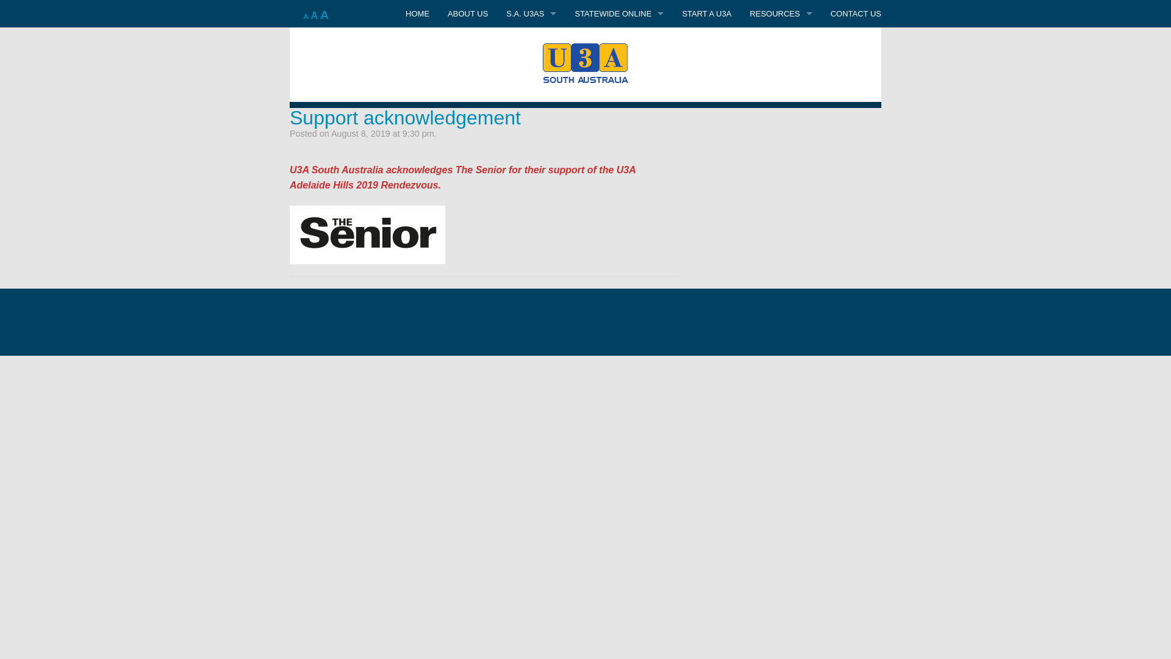  I want to click on 'ABOUT US', so click(467, 13).